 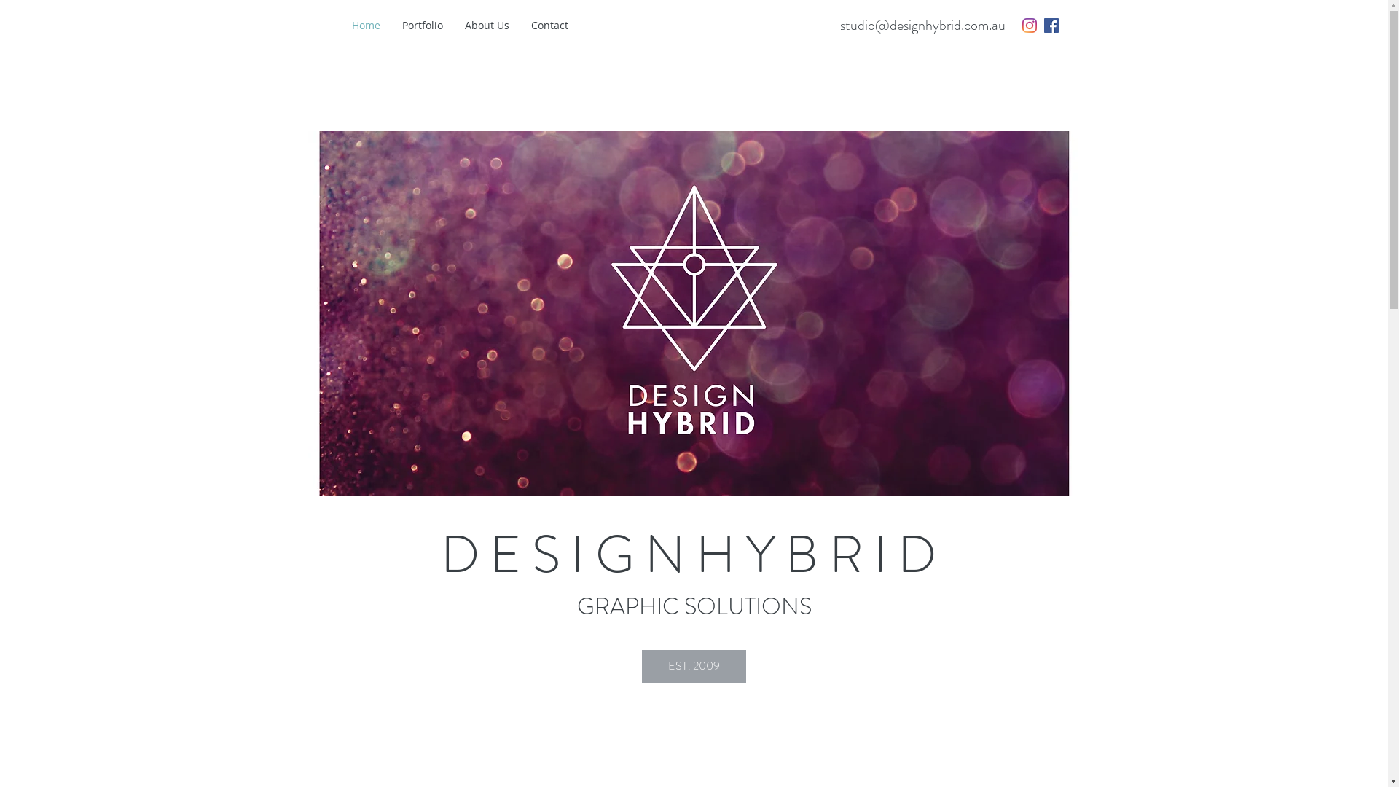 I want to click on 'Contact', so click(x=549, y=25).